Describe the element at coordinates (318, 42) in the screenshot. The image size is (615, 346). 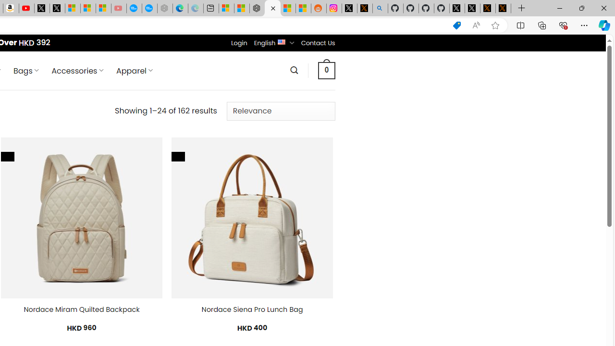
I see `'Contact Us'` at that location.